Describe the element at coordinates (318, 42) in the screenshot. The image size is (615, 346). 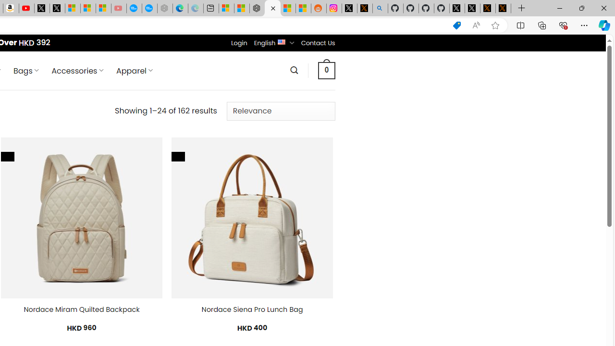
I see `'Contact Us'` at that location.